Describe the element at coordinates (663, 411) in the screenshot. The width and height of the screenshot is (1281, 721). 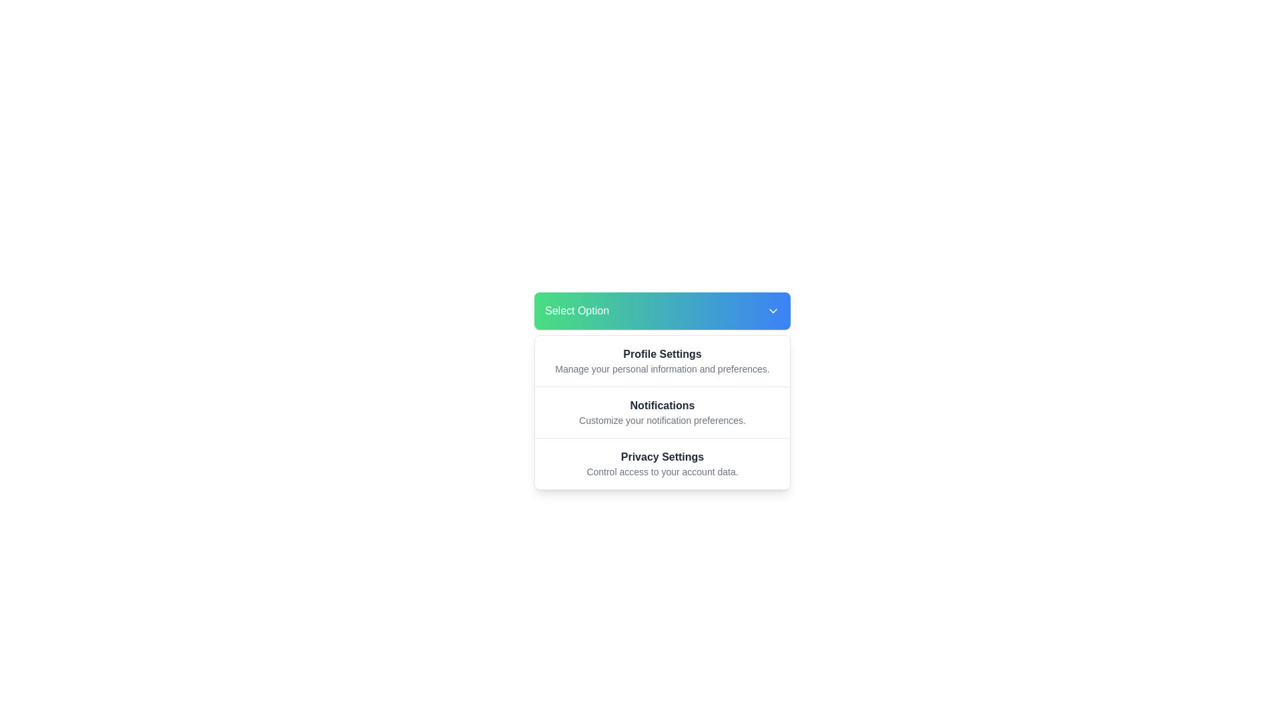
I see `the dropdown menu located below the 'Select Option' button` at that location.